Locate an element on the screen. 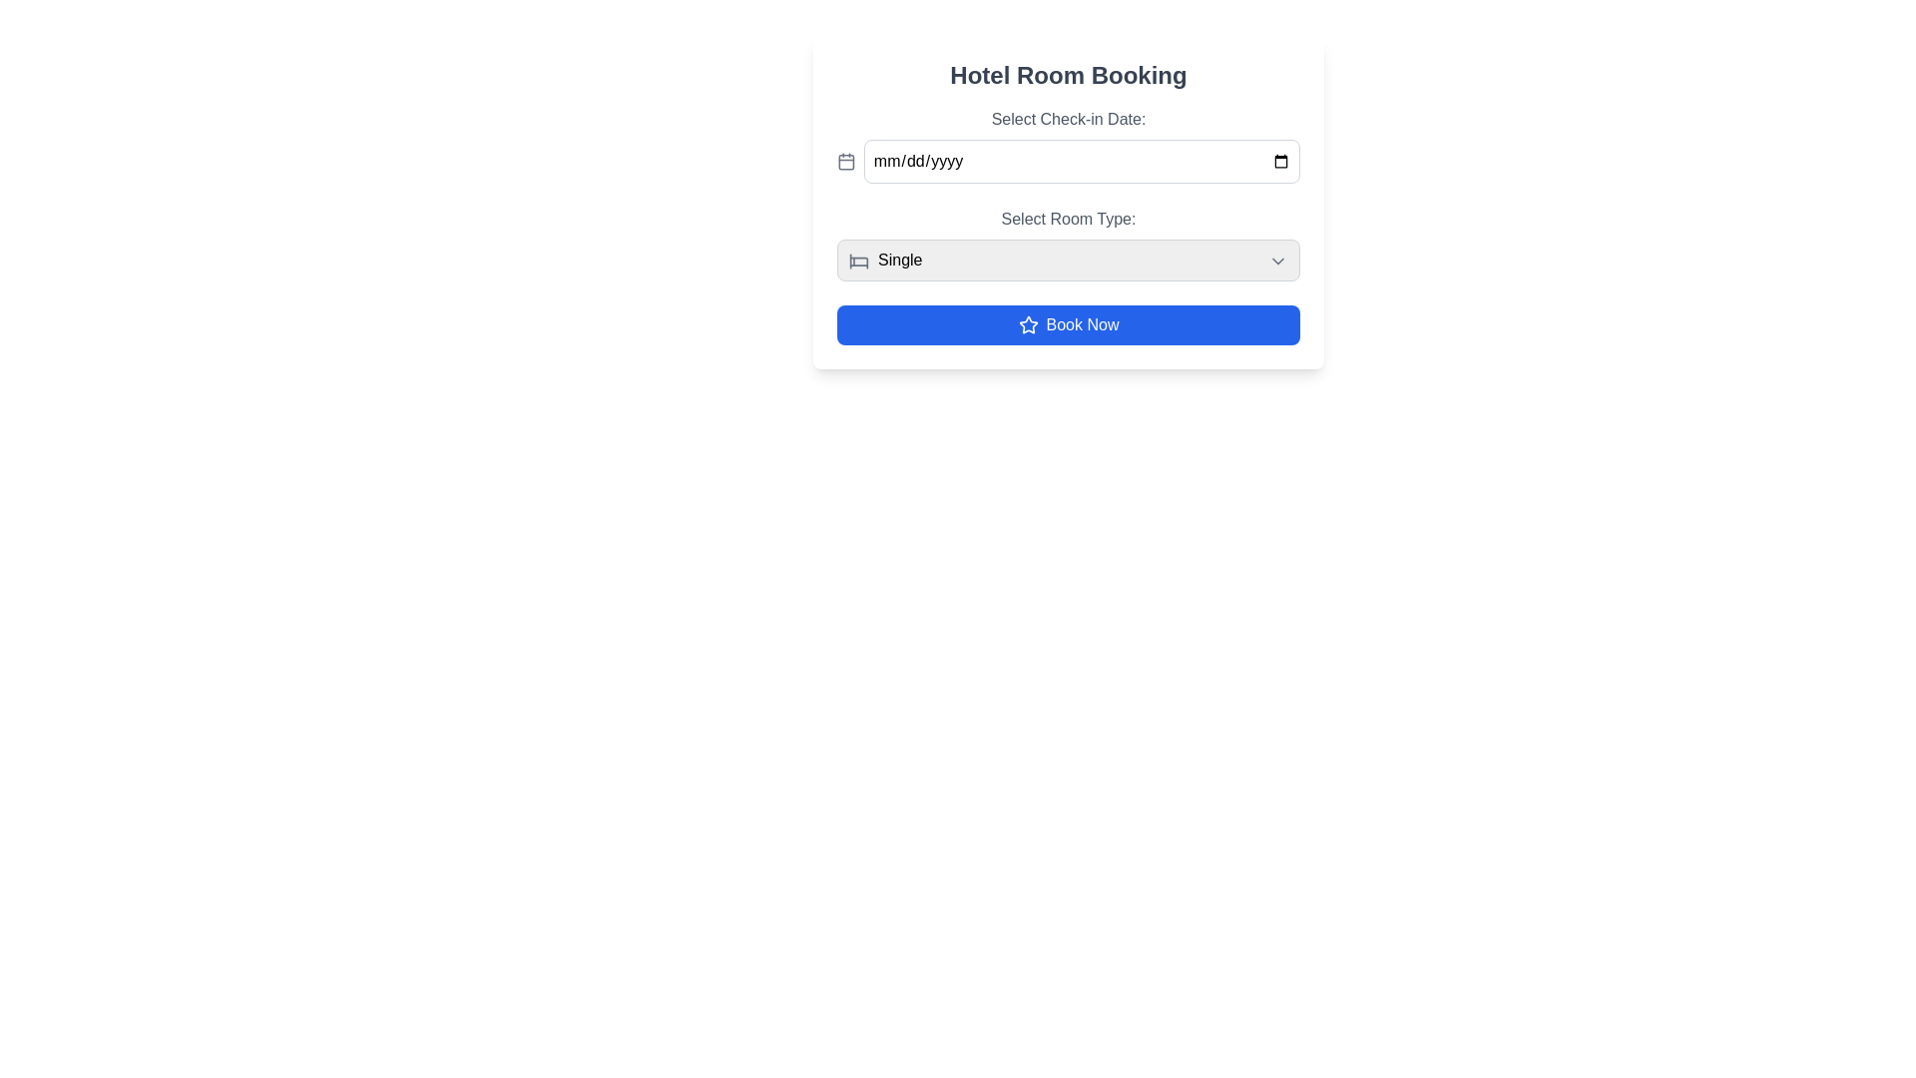  the design of the star-shaped icon outlined in blue, located inside the 'Book Now' button on the left side is located at coordinates (1028, 324).